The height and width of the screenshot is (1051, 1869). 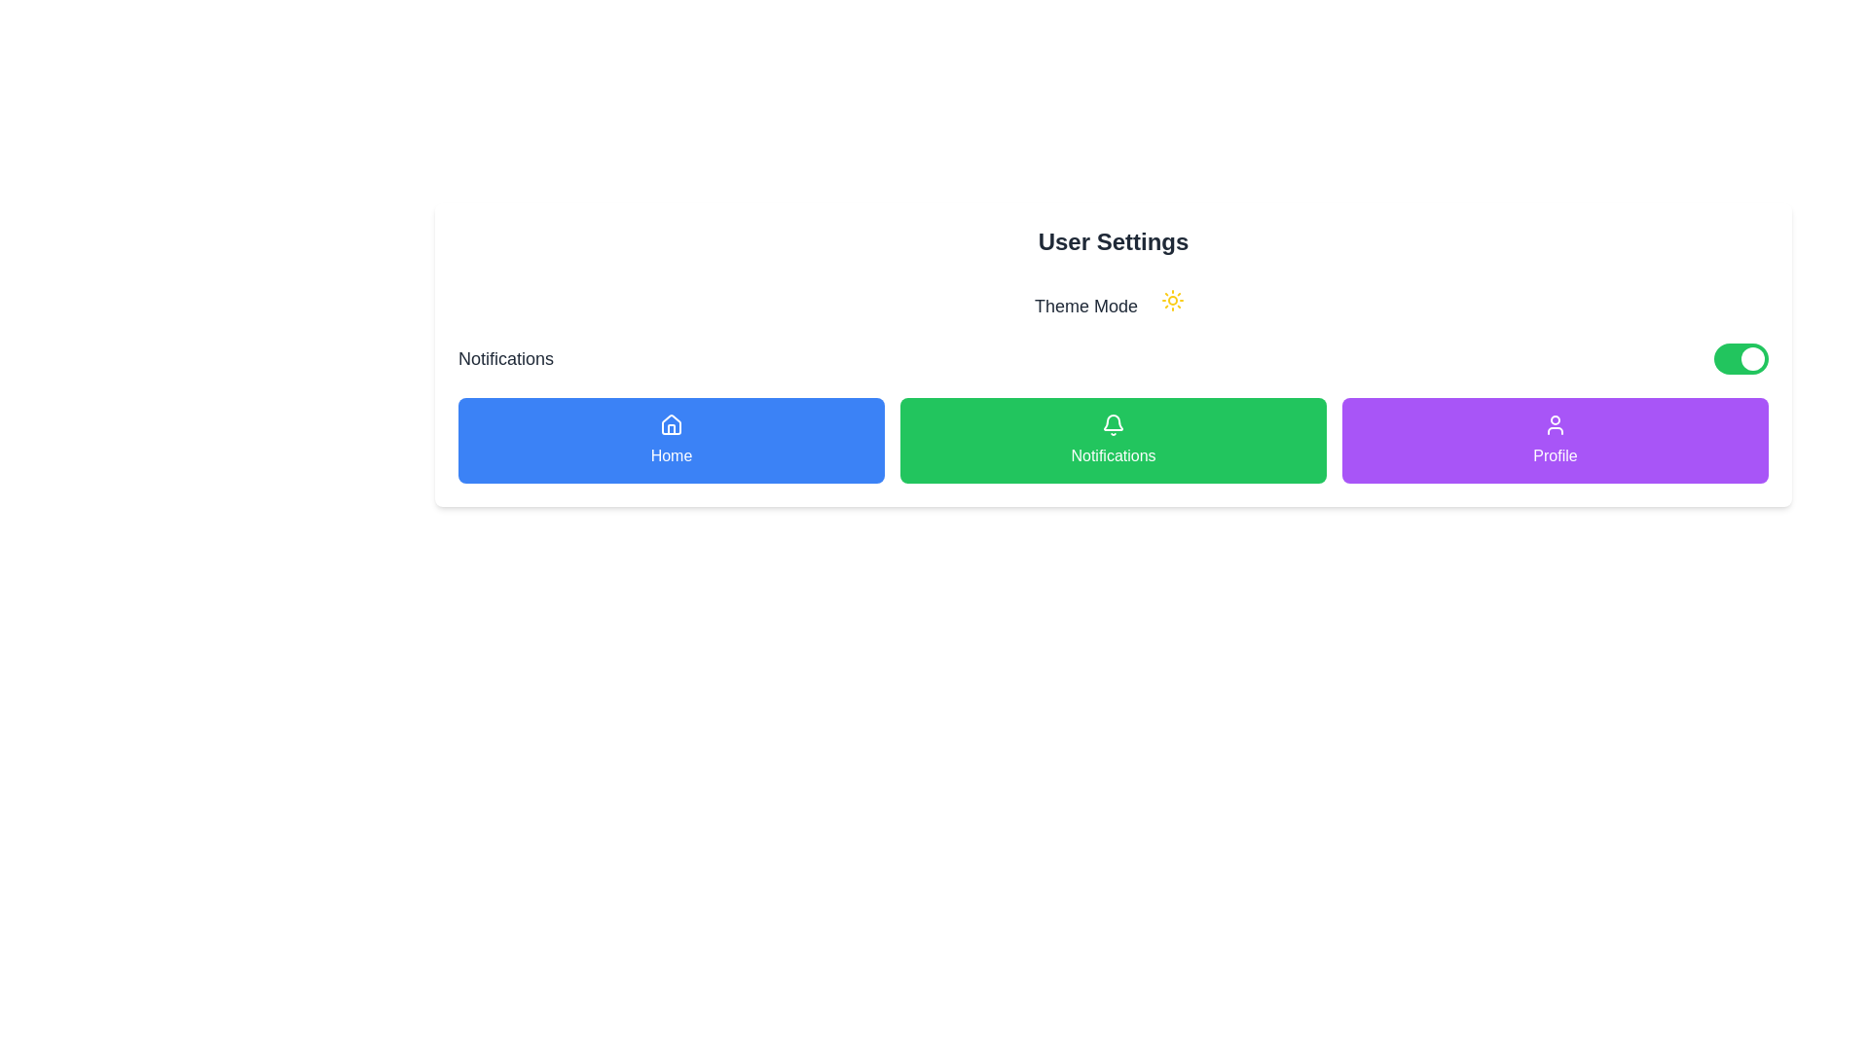 I want to click on the text label that describes the theme-setting feature, located centrally below the 'User Settings' header, so click(x=1085, y=307).